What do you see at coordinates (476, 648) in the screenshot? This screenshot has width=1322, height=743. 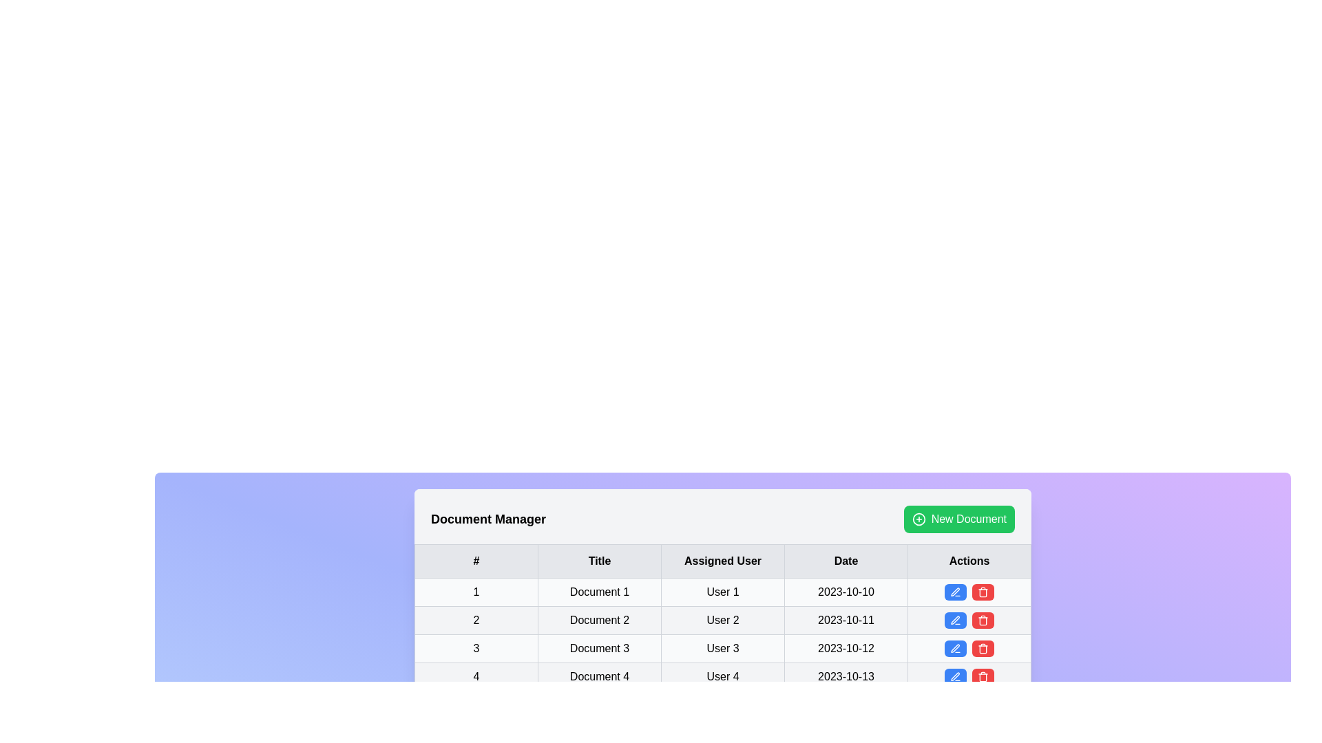 I see `the table cell containing the number '3'` at bounding box center [476, 648].